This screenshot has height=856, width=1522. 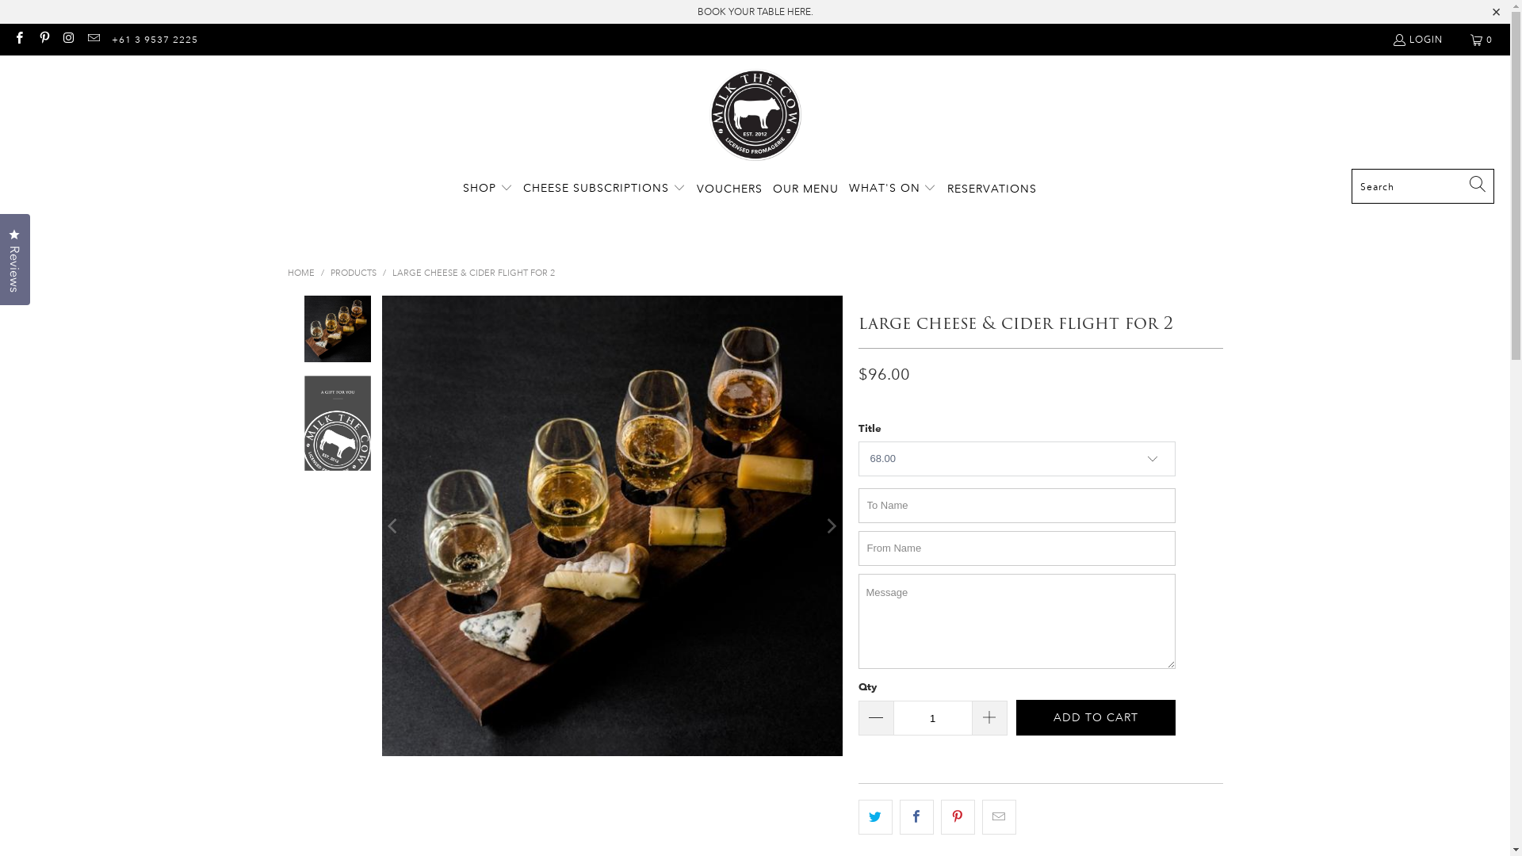 What do you see at coordinates (1015, 717) in the screenshot?
I see `'ADD TO CART'` at bounding box center [1015, 717].